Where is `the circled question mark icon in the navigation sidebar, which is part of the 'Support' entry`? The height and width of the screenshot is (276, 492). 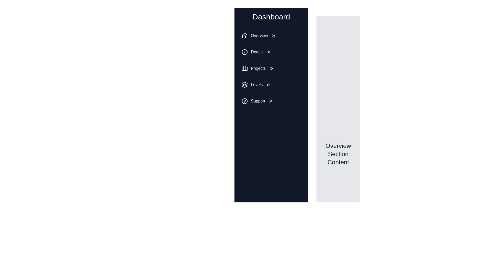
the circled question mark icon in the navigation sidebar, which is part of the 'Support' entry is located at coordinates (244, 101).